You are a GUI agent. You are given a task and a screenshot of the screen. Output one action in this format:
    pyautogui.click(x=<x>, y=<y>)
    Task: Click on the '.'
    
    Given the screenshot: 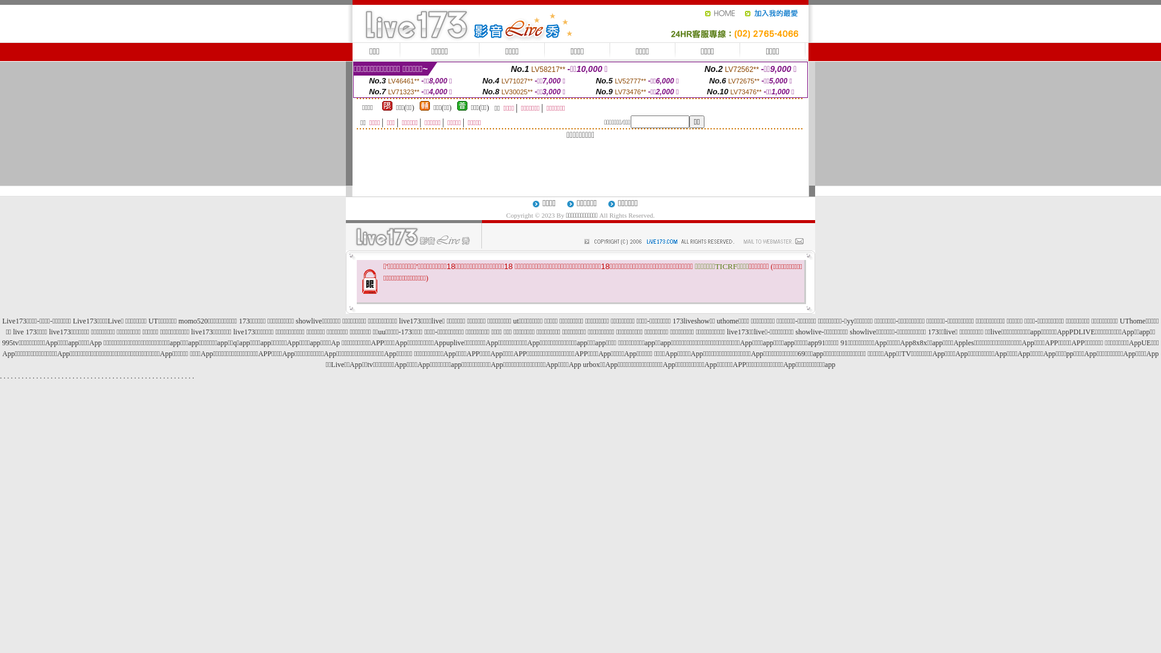 What is the action you would take?
    pyautogui.click(x=91, y=375)
    